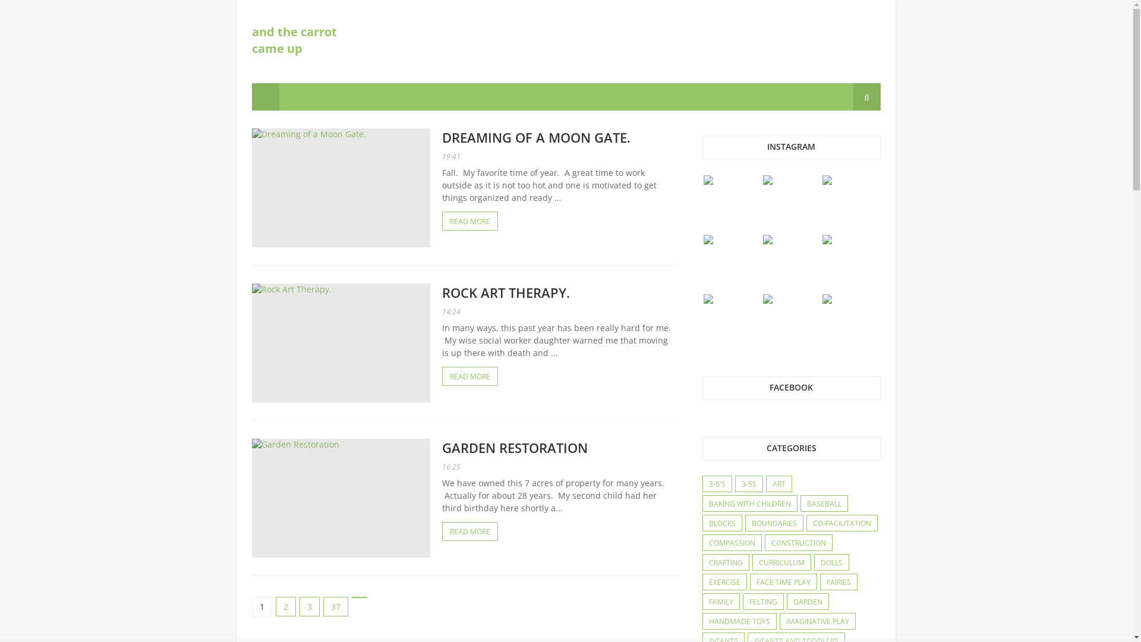  Describe the element at coordinates (724, 562) in the screenshot. I see `'CRAFTING'` at that location.